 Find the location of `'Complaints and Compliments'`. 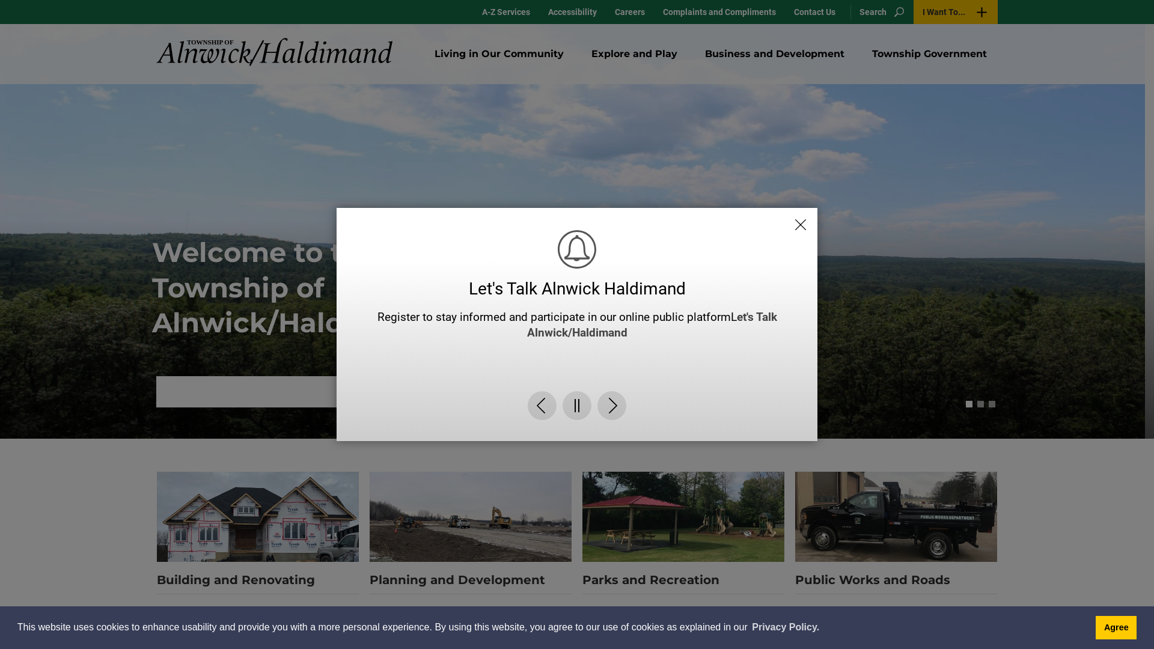

'Complaints and Compliments' is located at coordinates (719, 11).